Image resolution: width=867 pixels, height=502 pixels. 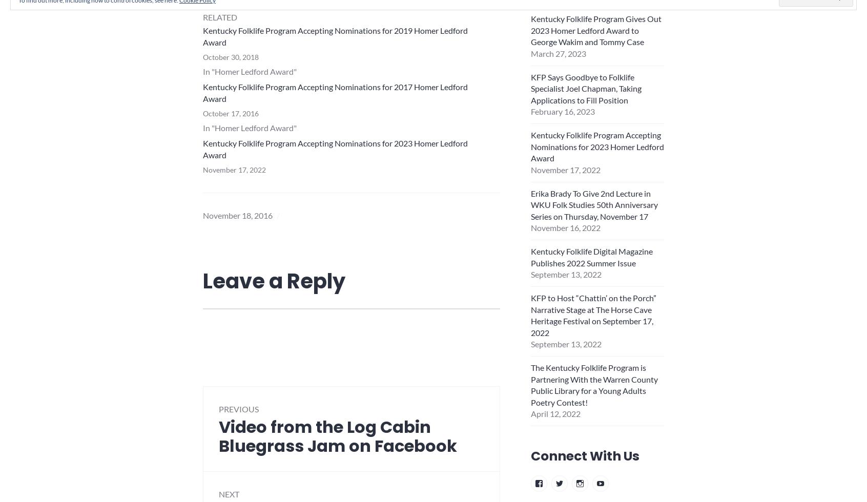 I want to click on 'Related', so click(x=202, y=17).